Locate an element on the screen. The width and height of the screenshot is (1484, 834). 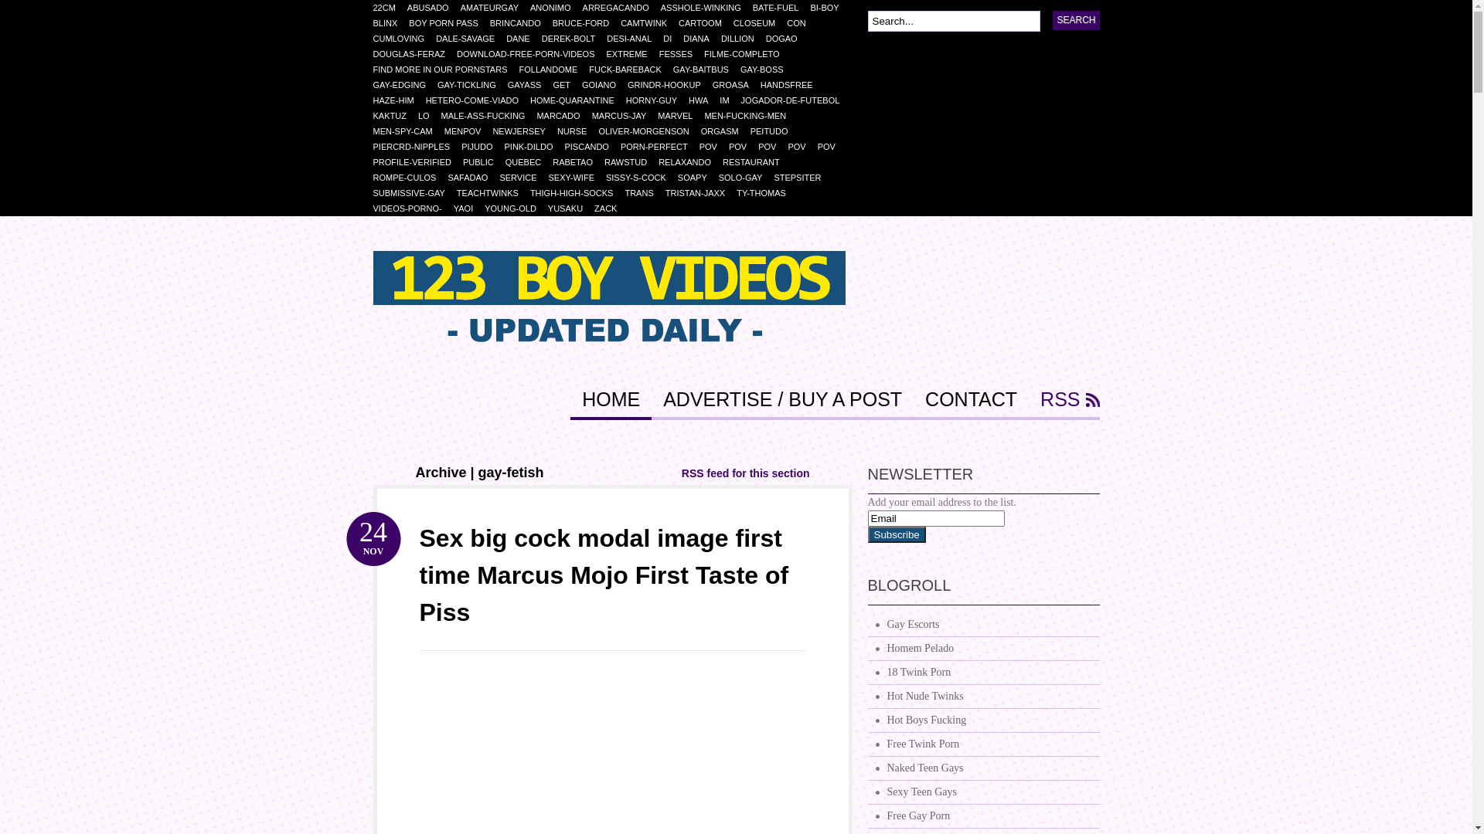
'BATE-FUEL' is located at coordinates (781, 8).